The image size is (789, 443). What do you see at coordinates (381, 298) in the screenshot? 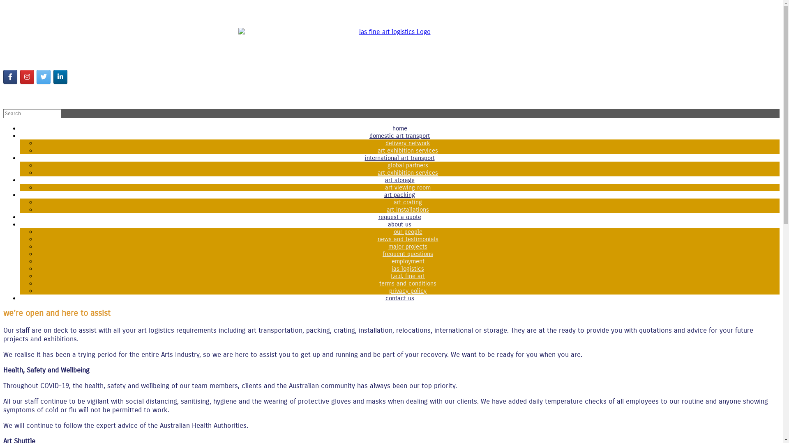
I see `'contact us'` at bounding box center [381, 298].